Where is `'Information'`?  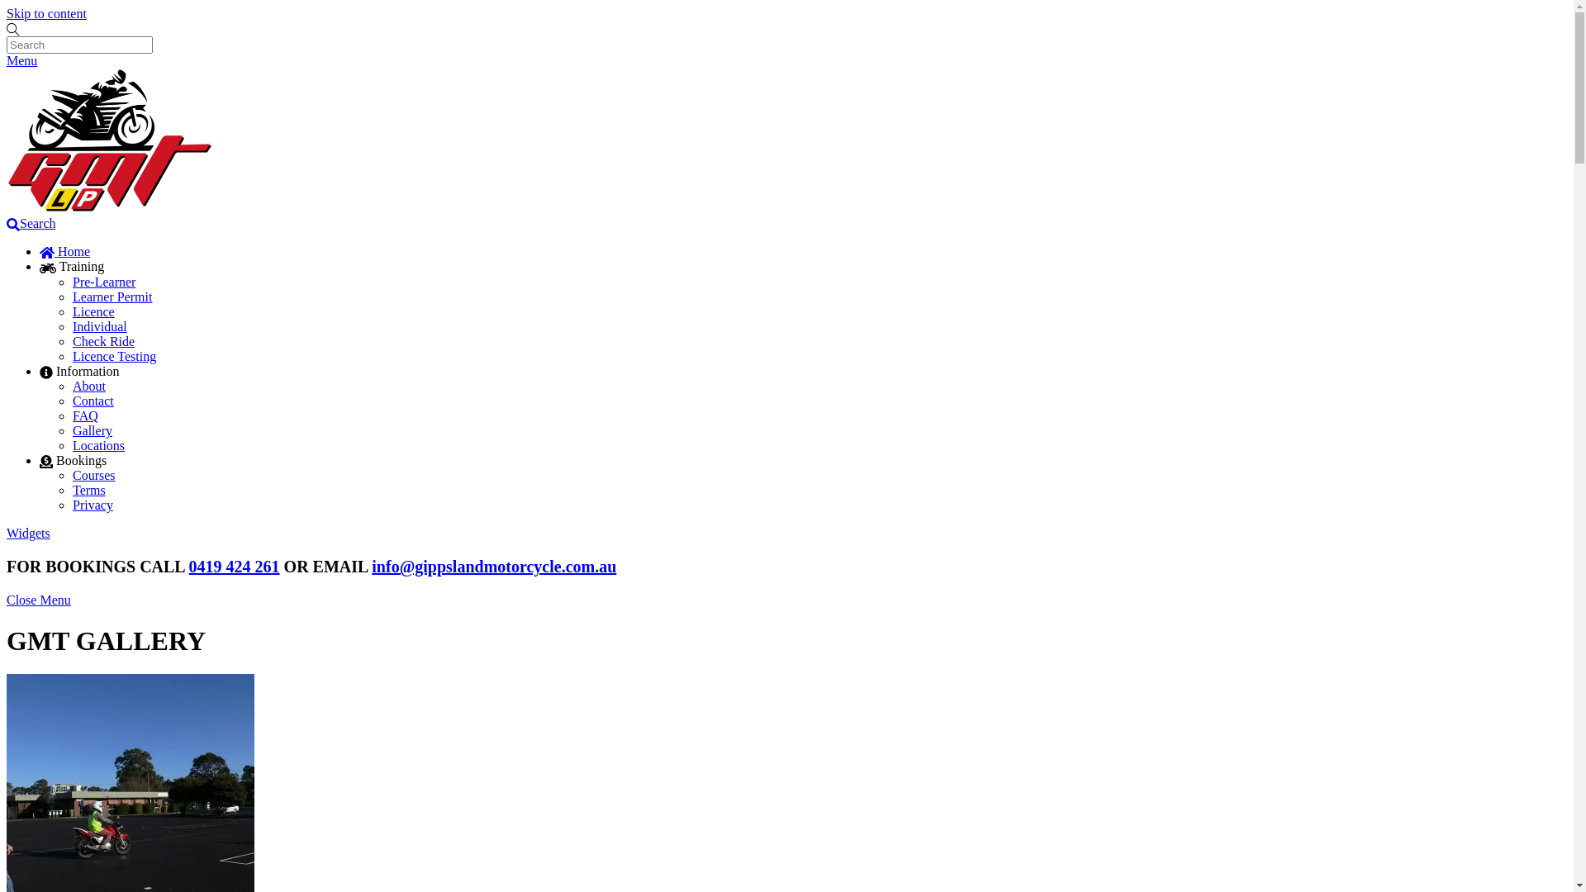 'Information' is located at coordinates (78, 370).